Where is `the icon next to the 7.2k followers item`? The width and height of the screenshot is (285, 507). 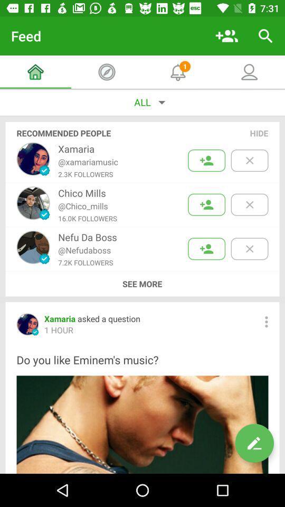 the icon next to the 7.2k followers item is located at coordinates (142, 283).